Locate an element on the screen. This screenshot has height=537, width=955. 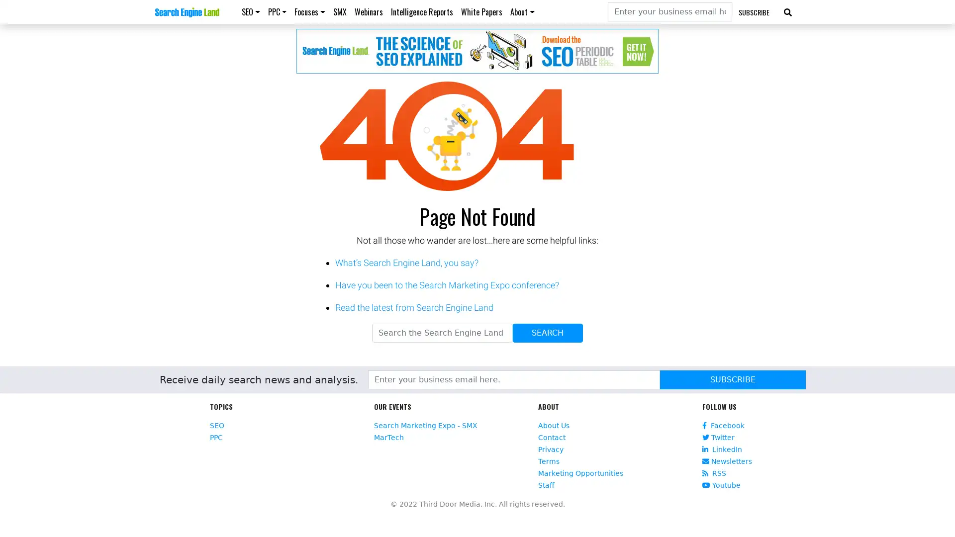
SEARCH is located at coordinates (547, 333).